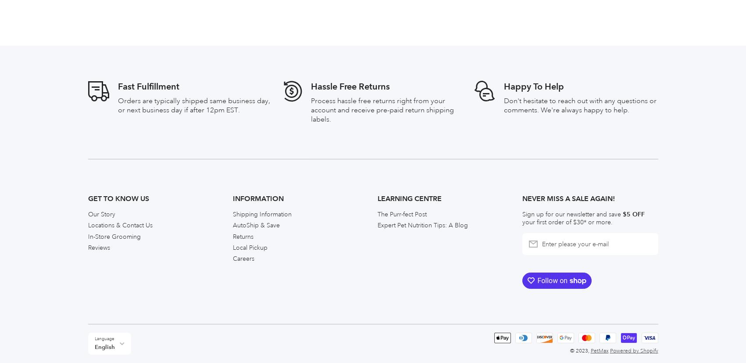 The height and width of the screenshot is (363, 746). What do you see at coordinates (599, 153) in the screenshot?
I see `'PetMax'` at bounding box center [599, 153].